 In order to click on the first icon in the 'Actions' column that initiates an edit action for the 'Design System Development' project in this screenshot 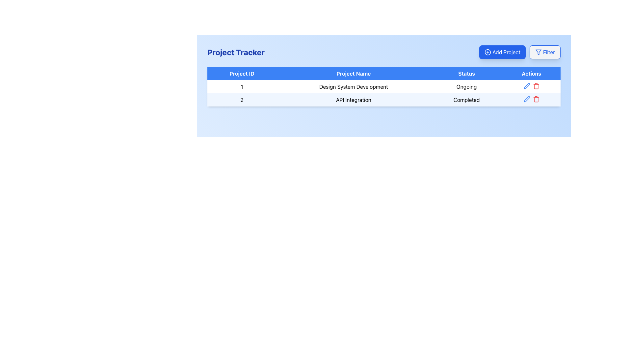, I will do `click(527, 99)`.